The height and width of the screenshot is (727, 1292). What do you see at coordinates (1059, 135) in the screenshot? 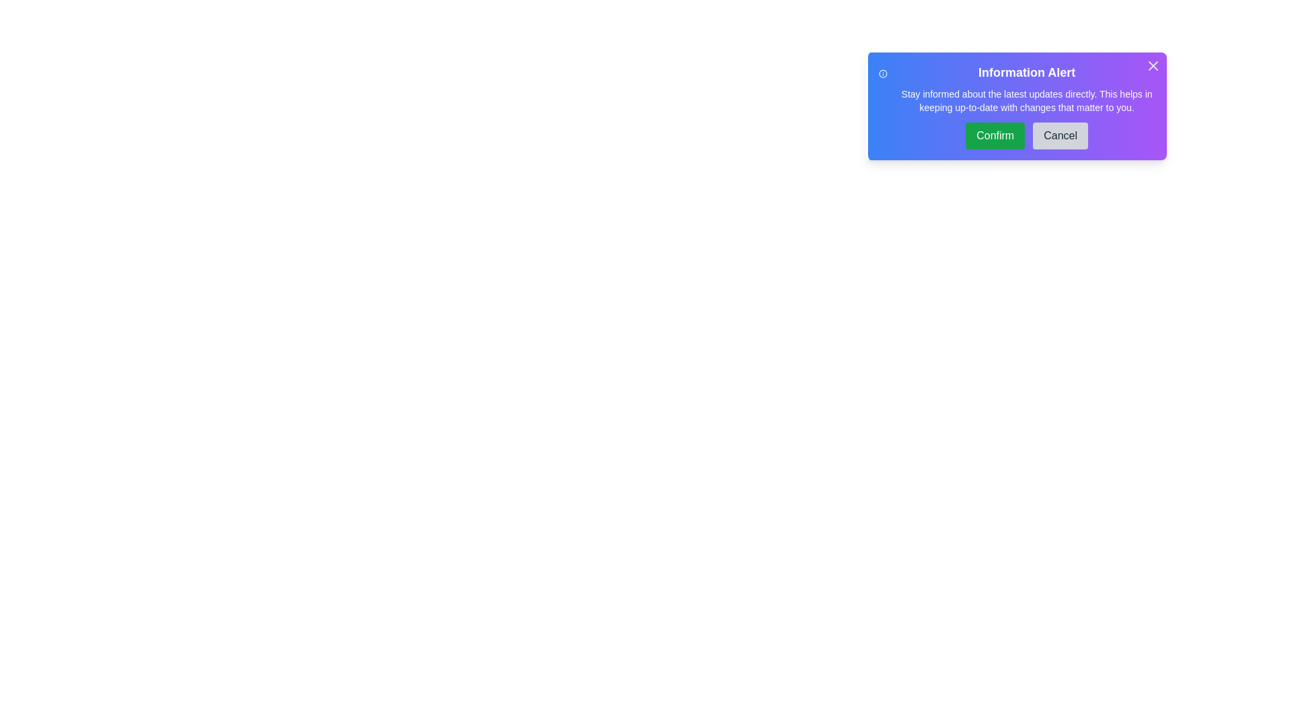
I see `the 'Cancel' button to dismiss the alert` at bounding box center [1059, 135].